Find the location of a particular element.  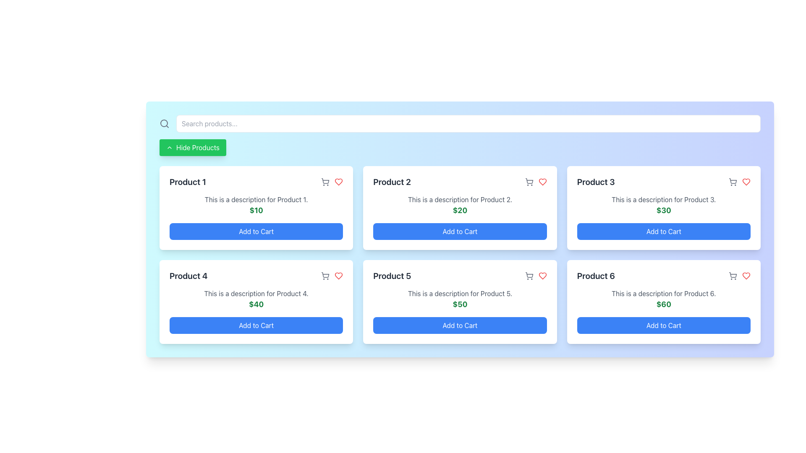

the text label displaying the price '$10' in bold green font, located within the first product card, centrally positioned below the product description and above the 'Add to Cart' button is located at coordinates (256, 210).